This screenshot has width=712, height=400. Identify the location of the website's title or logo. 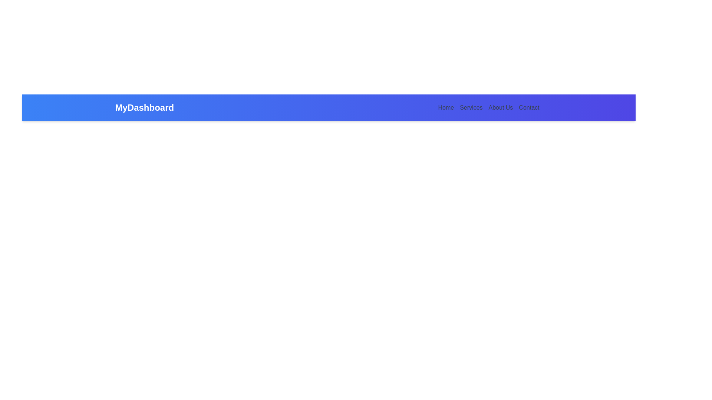
(144, 107).